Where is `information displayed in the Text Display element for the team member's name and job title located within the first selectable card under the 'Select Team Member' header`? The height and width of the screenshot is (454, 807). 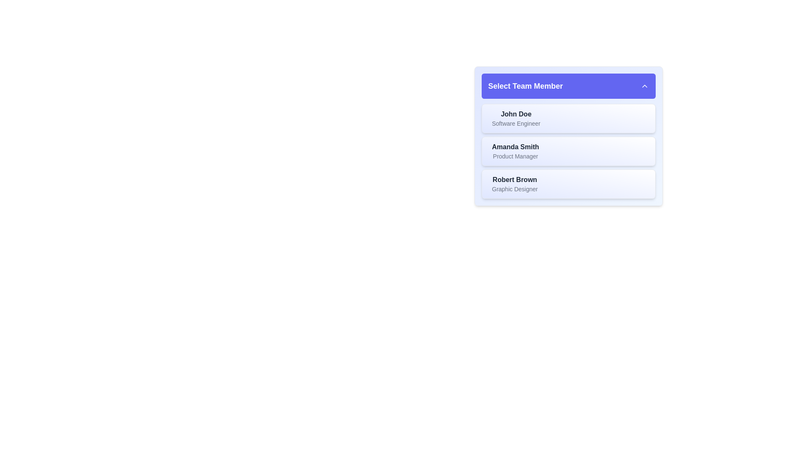
information displayed in the Text Display element for the team member's name and job title located within the first selectable card under the 'Select Team Member' header is located at coordinates (516, 118).